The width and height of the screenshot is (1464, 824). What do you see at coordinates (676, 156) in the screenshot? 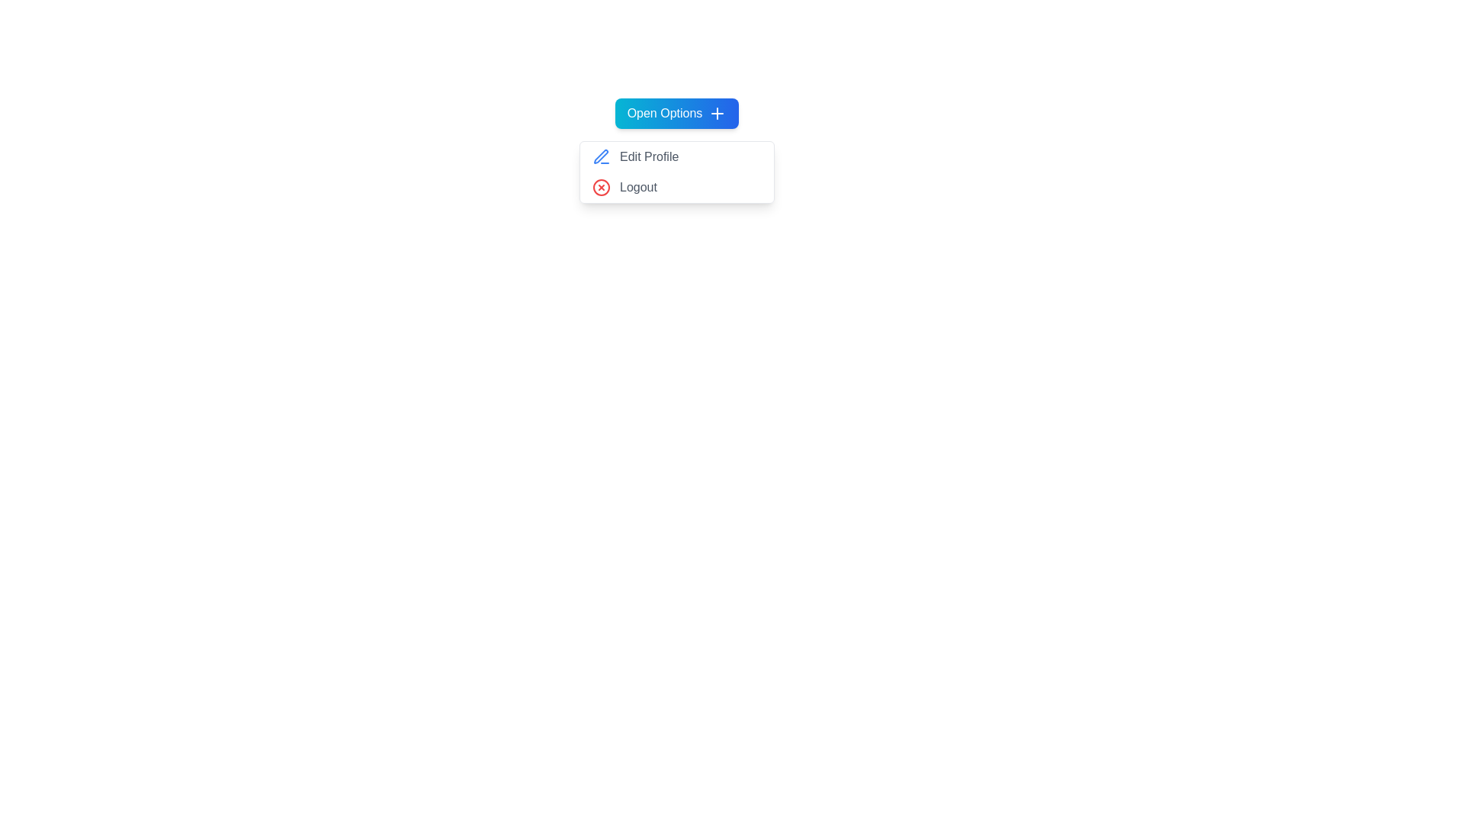
I see `the menu item Edit Profile to highlight it` at bounding box center [676, 156].